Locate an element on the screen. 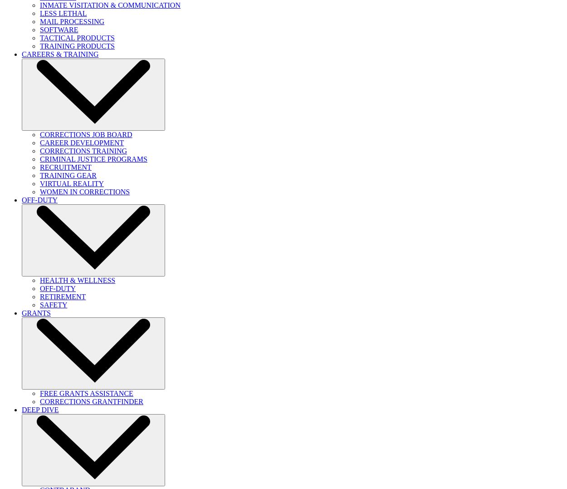 Image resolution: width=567 pixels, height=489 pixels. 'CORRECTIONS GRANTFINDER' is located at coordinates (91, 401).